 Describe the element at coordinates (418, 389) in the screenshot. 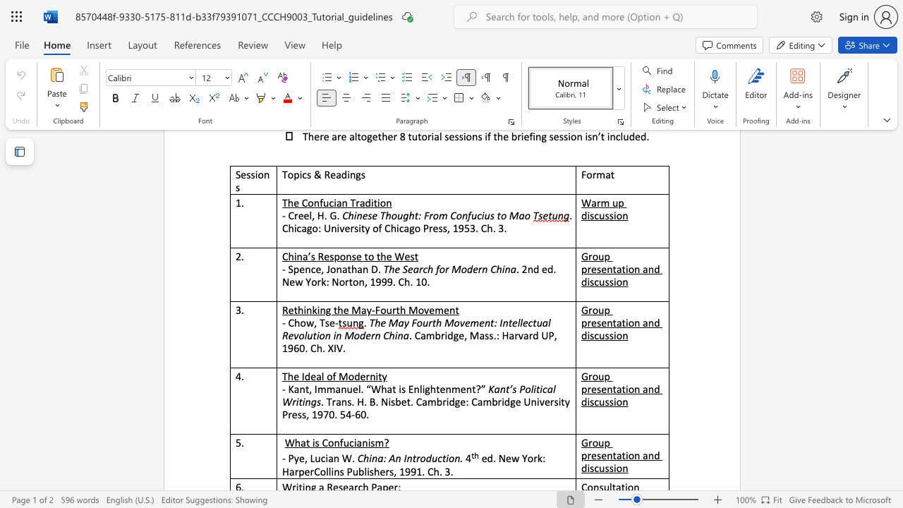

I see `the subset text "ligh" within the text "- Kant, Immanuel. “What is Enlightenment?”"` at that location.